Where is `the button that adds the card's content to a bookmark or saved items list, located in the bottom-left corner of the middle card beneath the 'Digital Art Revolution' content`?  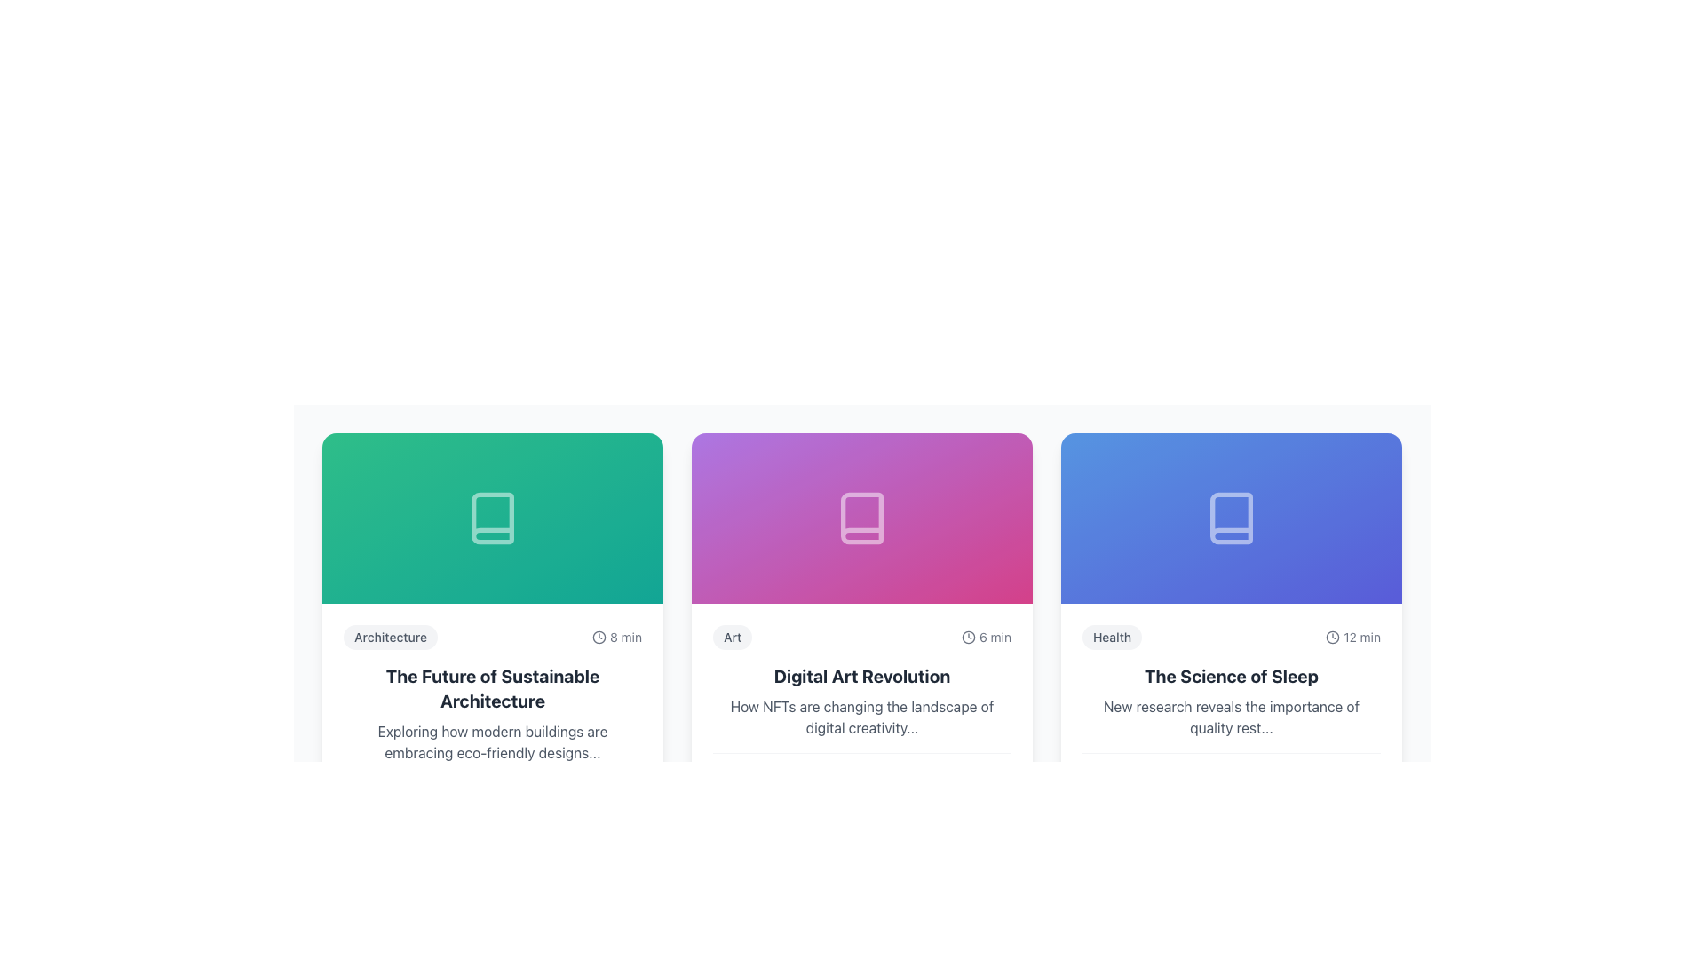 the button that adds the card's content to a bookmark or saved items list, located in the bottom-left corner of the middle card beneath the 'Digital Art Revolution' content is located at coordinates (728, 783).